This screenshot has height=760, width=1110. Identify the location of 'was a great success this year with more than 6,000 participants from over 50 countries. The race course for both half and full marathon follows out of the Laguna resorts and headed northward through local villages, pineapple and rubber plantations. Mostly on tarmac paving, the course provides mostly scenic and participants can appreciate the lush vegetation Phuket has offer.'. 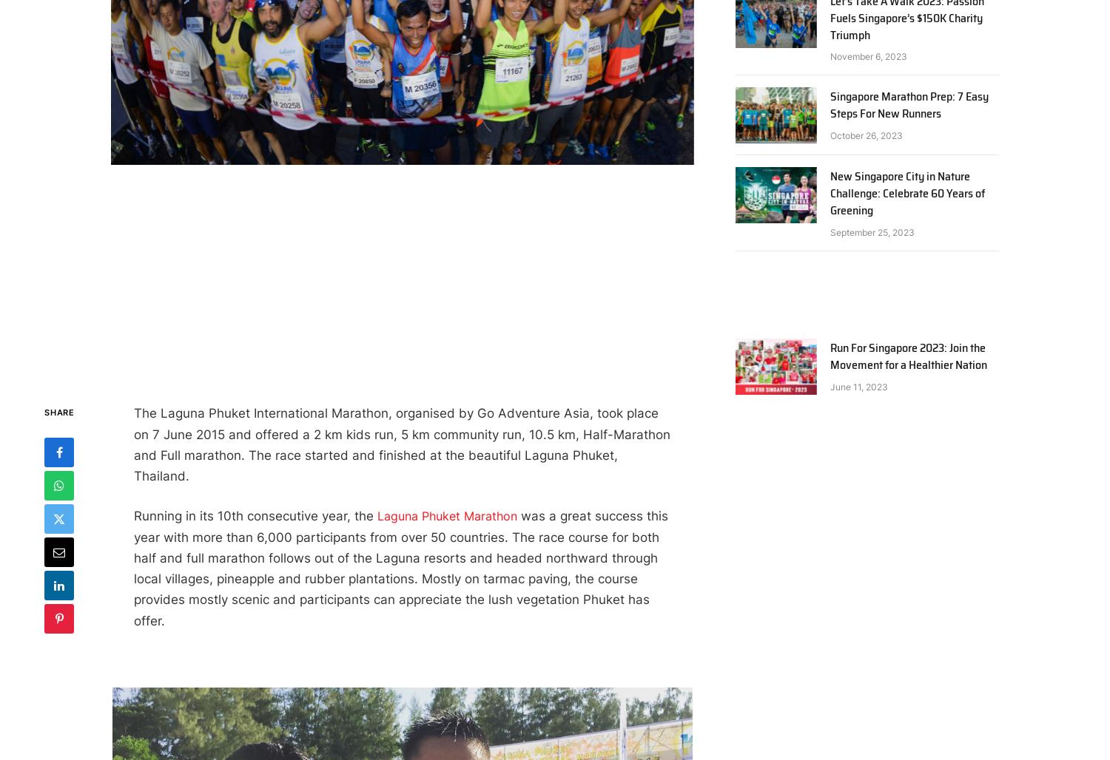
(400, 567).